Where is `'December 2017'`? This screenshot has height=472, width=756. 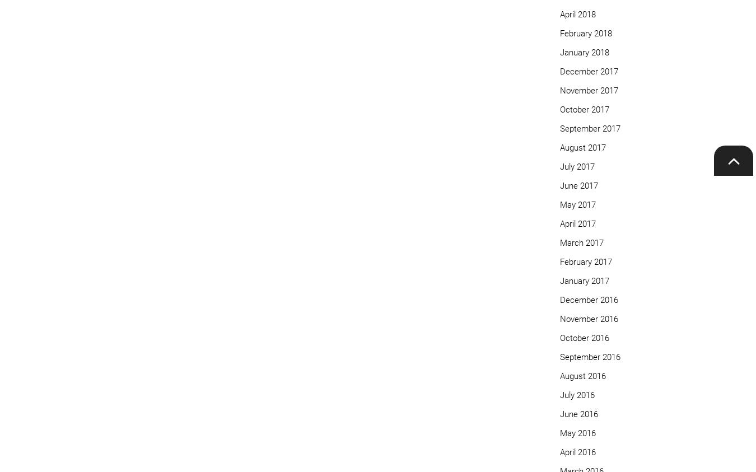 'December 2017' is located at coordinates (559, 71).